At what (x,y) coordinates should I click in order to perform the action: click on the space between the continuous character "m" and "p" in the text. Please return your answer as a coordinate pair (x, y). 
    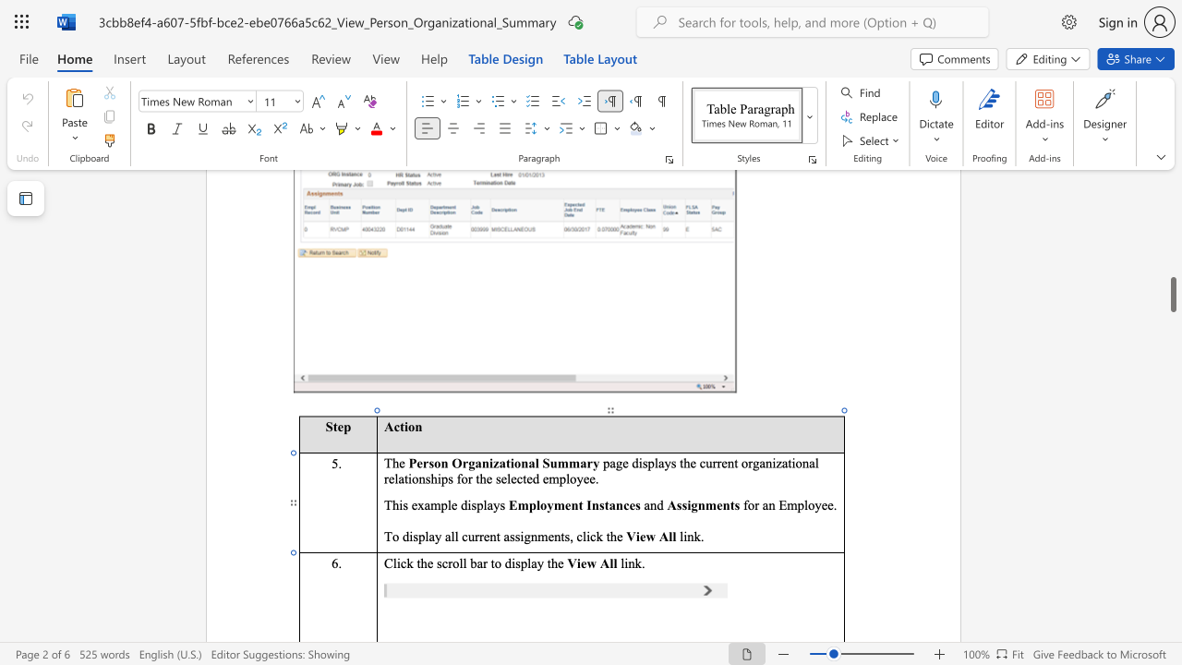
    Looking at the image, I should click on (796, 505).